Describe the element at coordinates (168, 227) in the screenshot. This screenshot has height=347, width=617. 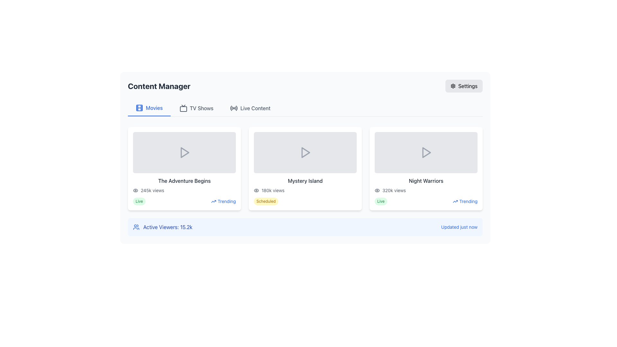
I see `the text element displaying 'Active Viewers: 15.2k', which is styled in blue and bold, located in the central right region of the interface` at that location.